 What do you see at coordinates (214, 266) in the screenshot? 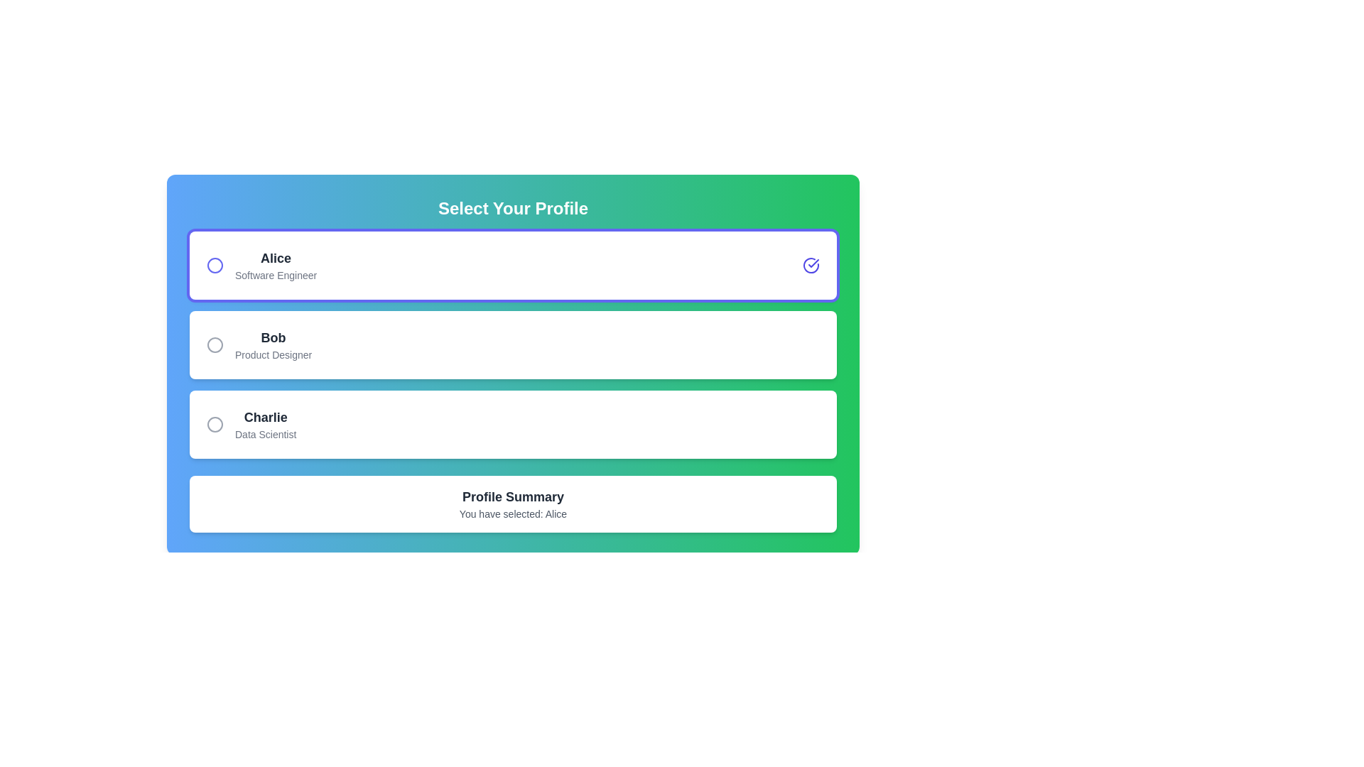
I see `the circular SVG graphic element styled with stroke color matching the text-indigo-500 class, located near the 'Alice' profile option` at bounding box center [214, 266].